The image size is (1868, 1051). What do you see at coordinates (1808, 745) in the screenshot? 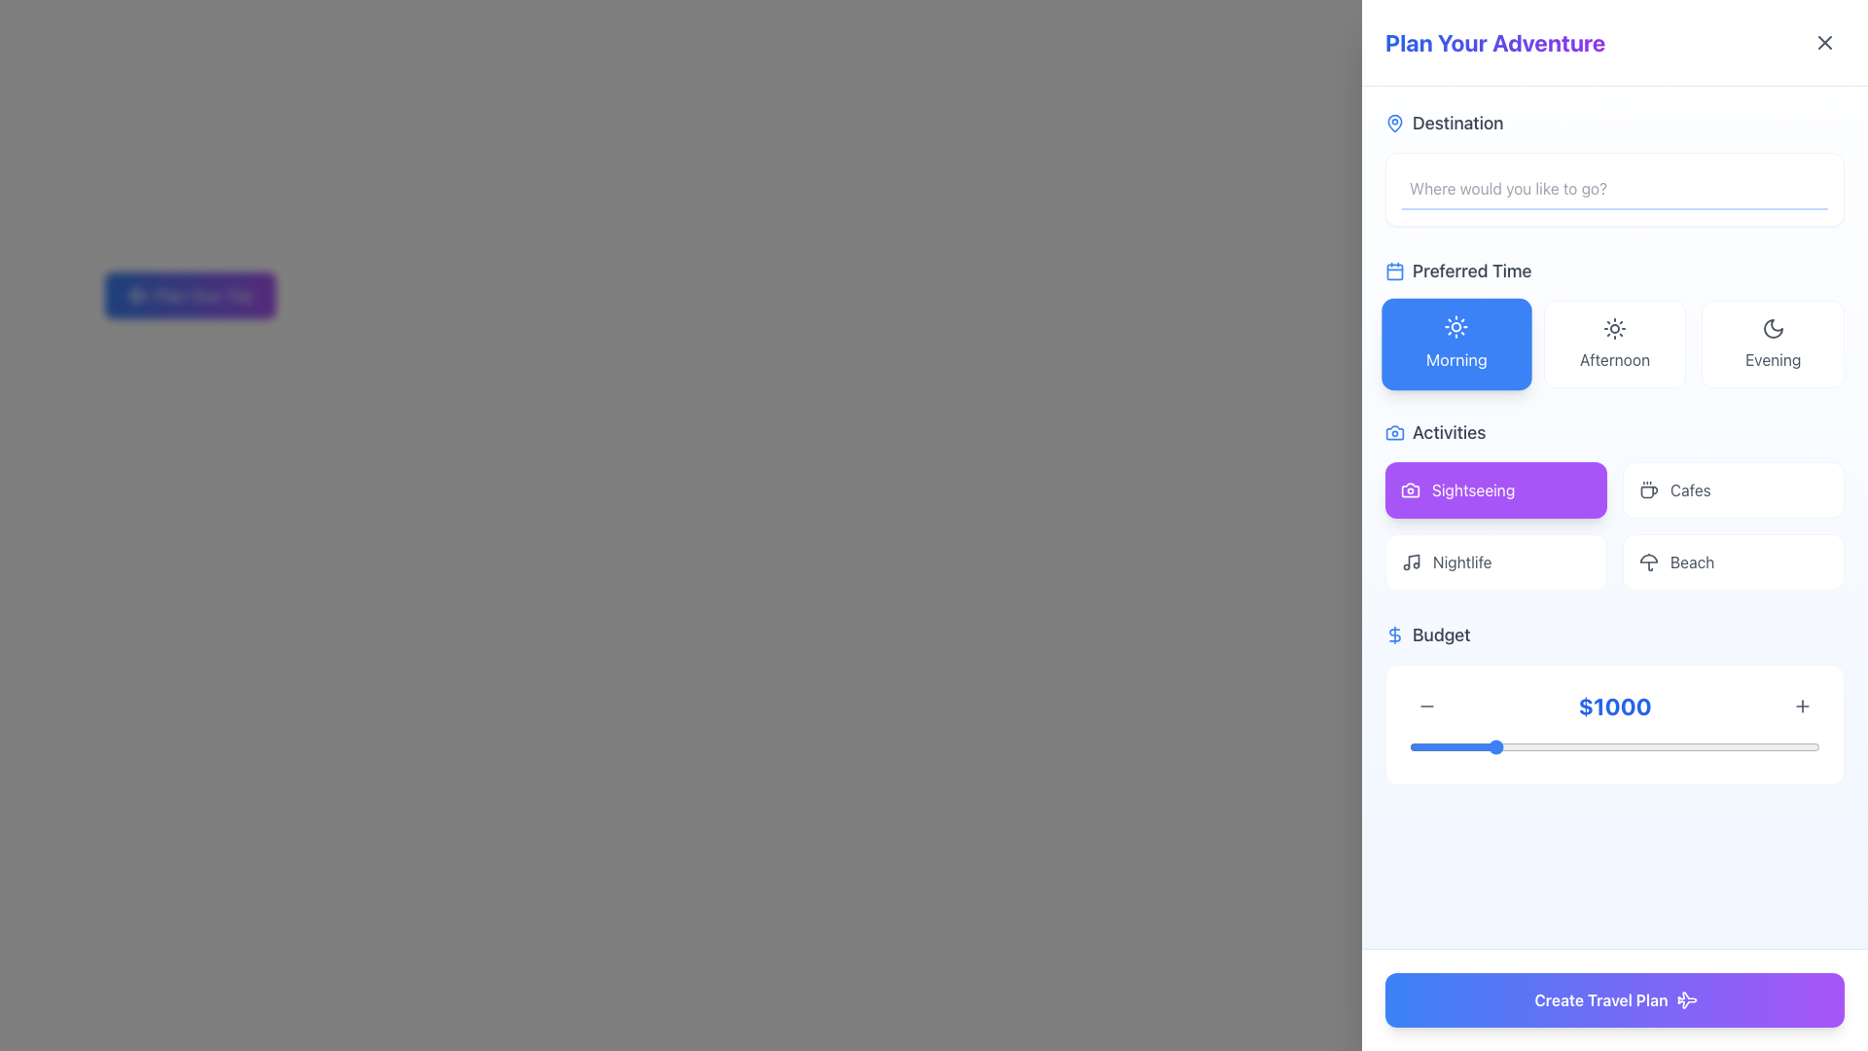
I see `the budget value` at bounding box center [1808, 745].